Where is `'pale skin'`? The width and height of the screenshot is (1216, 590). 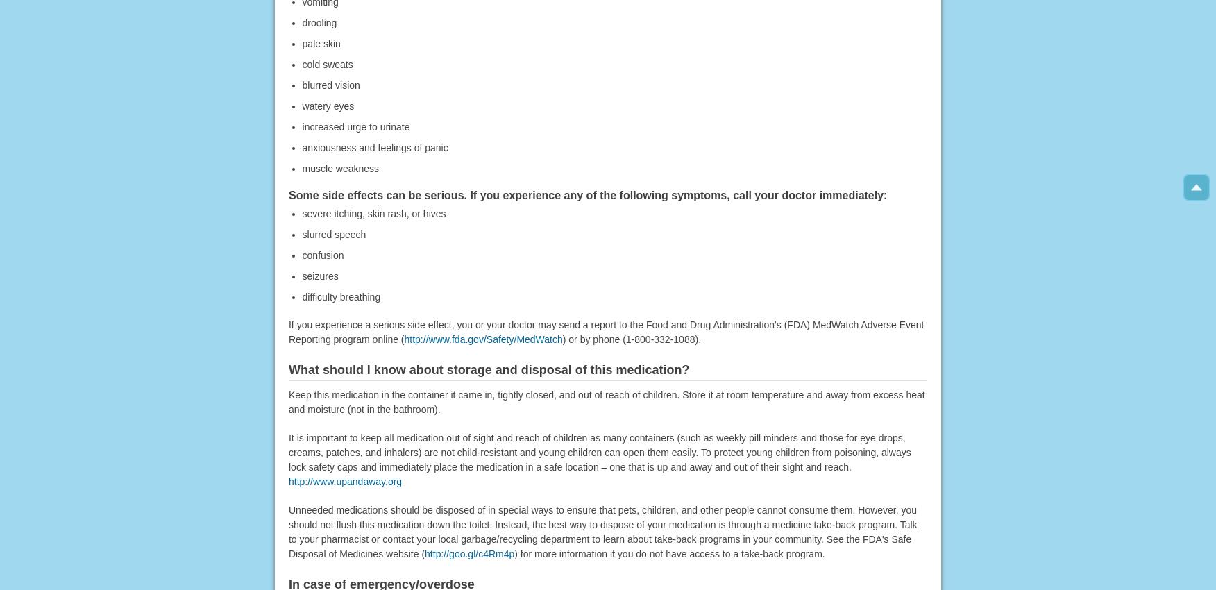 'pale skin' is located at coordinates (321, 42).